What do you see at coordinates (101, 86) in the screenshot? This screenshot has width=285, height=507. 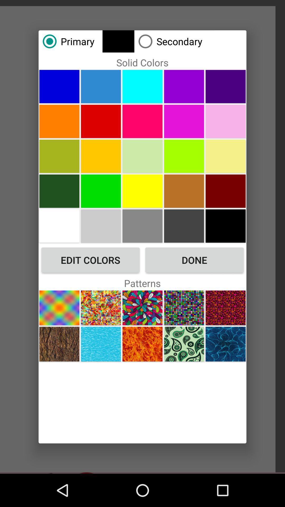 I see `item below solid colors item` at bounding box center [101, 86].